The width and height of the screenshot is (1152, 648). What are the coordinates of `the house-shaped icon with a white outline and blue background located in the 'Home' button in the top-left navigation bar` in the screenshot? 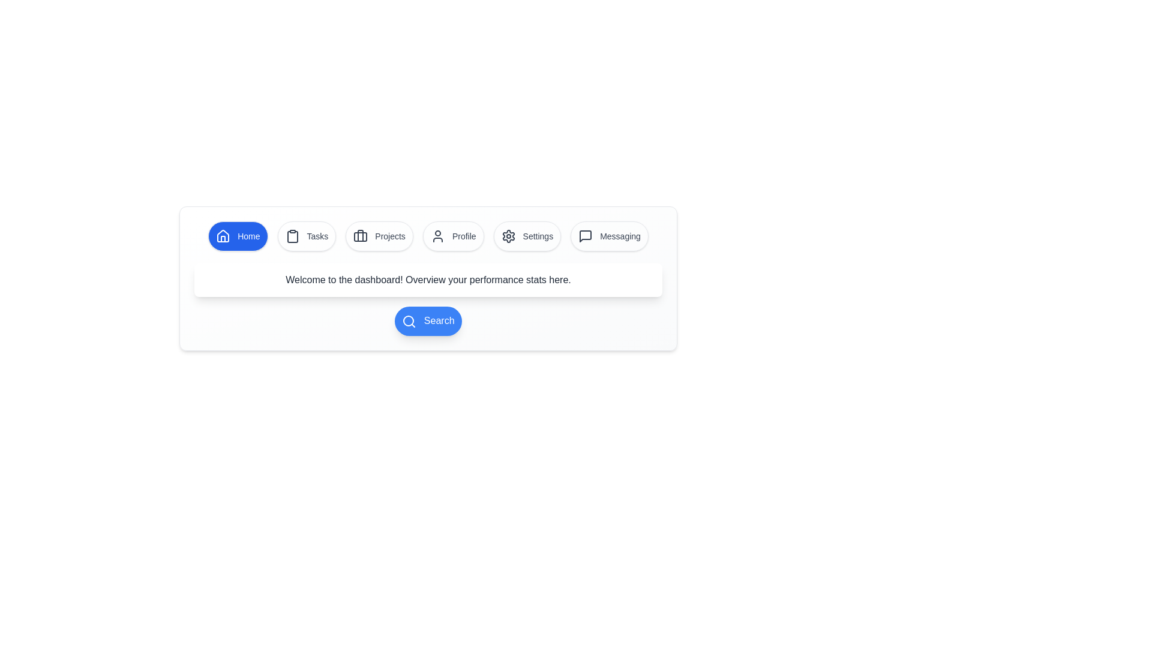 It's located at (223, 236).